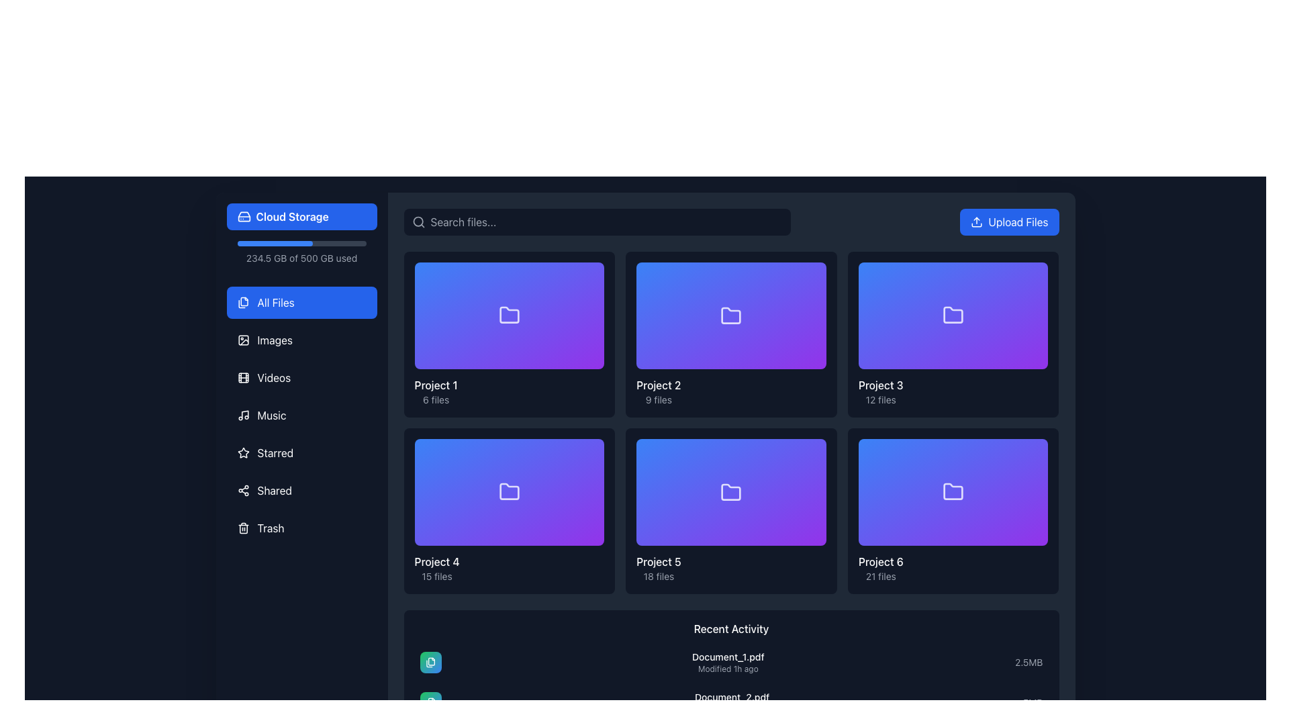  I want to click on informational text label indicating the count of items in the highlighted project folder located at the bottom of the 'Project 4' card, so click(437, 576).